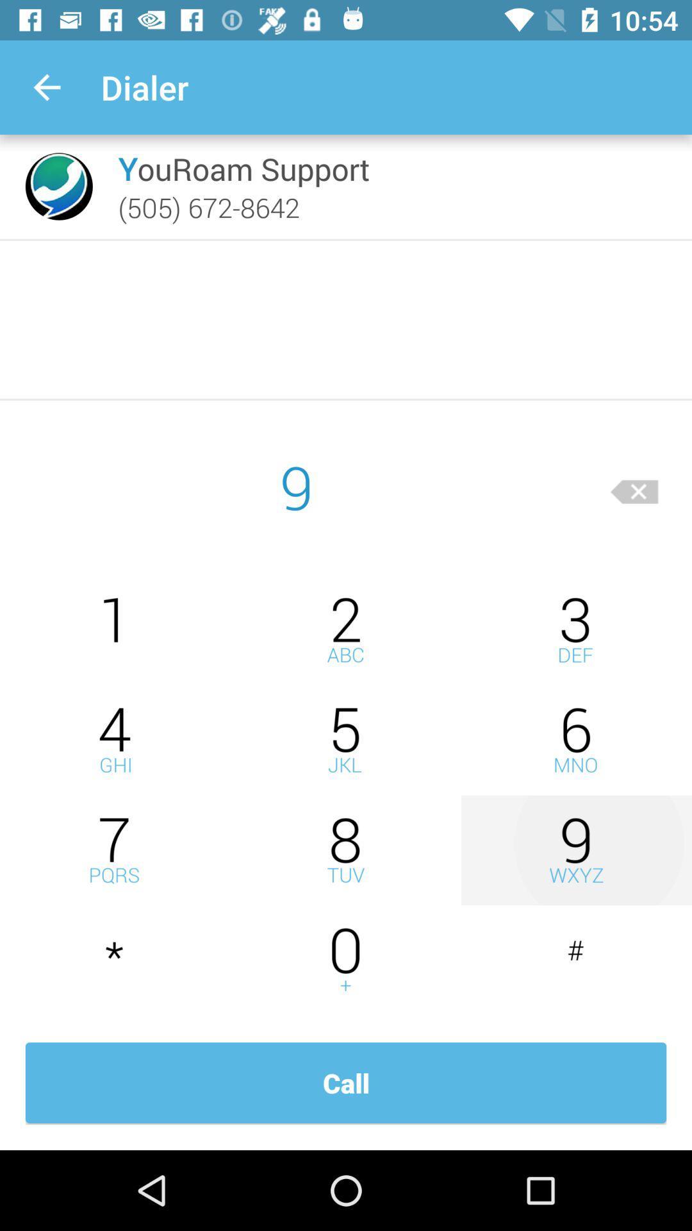  Describe the element at coordinates (243, 168) in the screenshot. I see `the icon above (505) 672-8642 icon` at that location.